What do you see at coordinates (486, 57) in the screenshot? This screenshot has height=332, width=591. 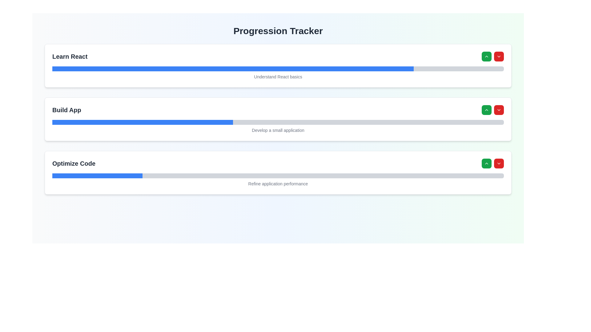 I see `the green button with an upward arrow icon located at the top-right corner of the first card in the list` at bounding box center [486, 57].